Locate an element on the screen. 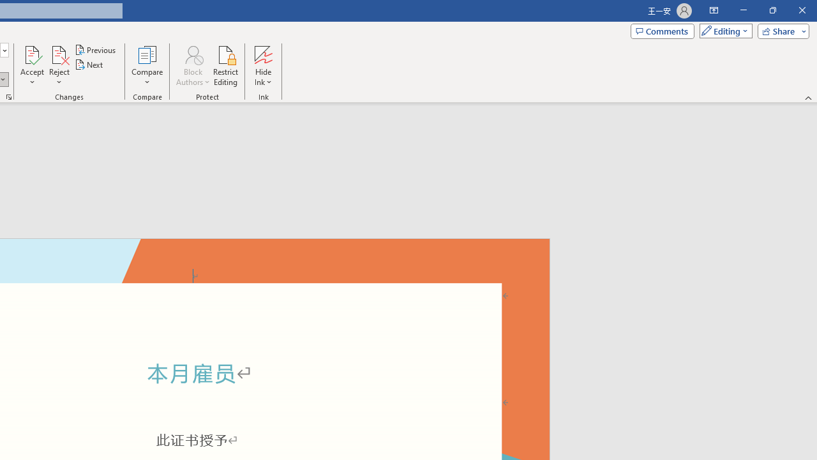 The image size is (817, 460). 'Reject and Move to Next' is located at coordinates (58, 54).